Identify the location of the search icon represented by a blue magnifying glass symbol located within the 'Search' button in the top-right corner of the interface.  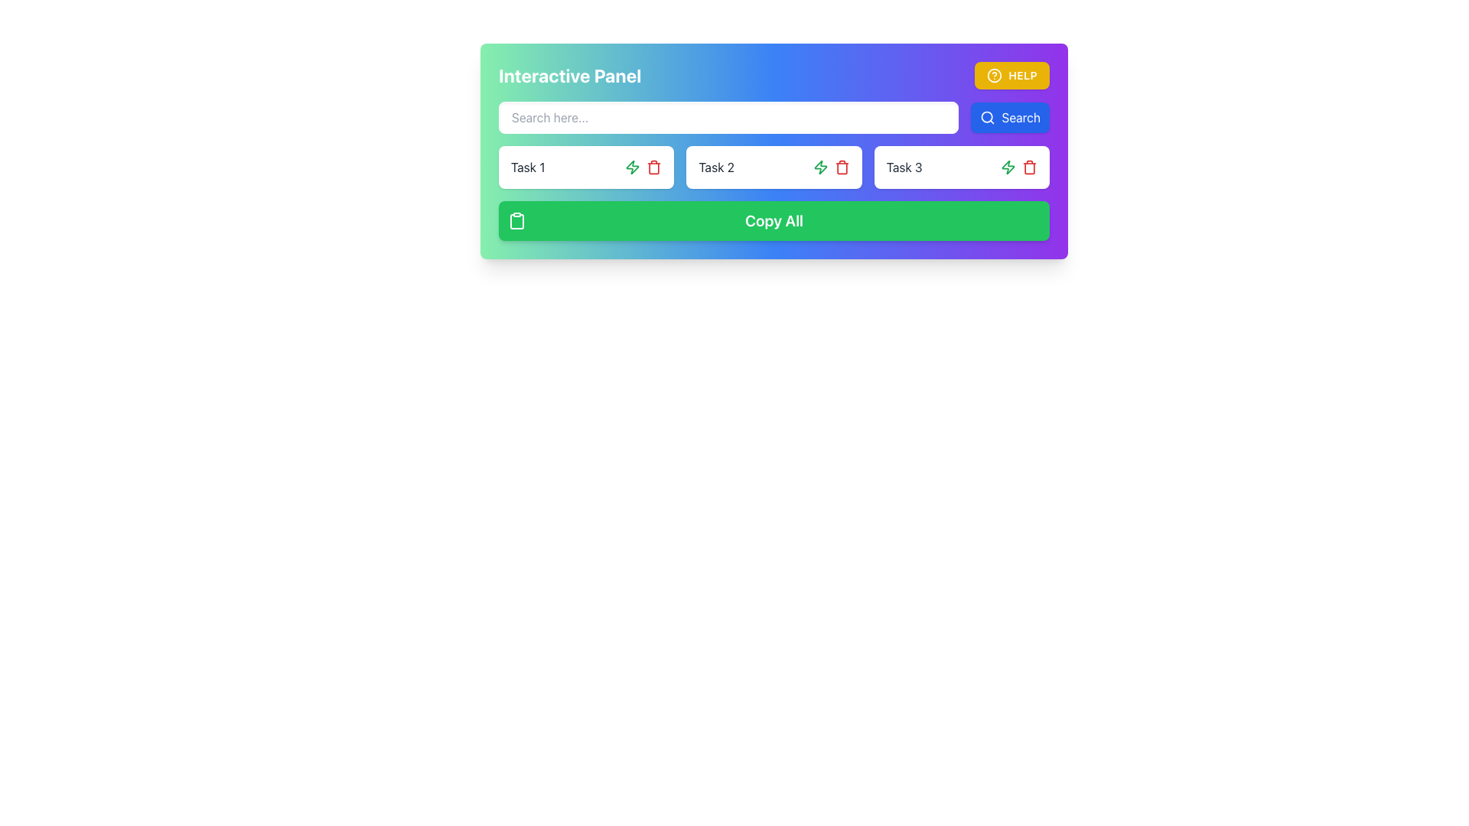
(988, 117).